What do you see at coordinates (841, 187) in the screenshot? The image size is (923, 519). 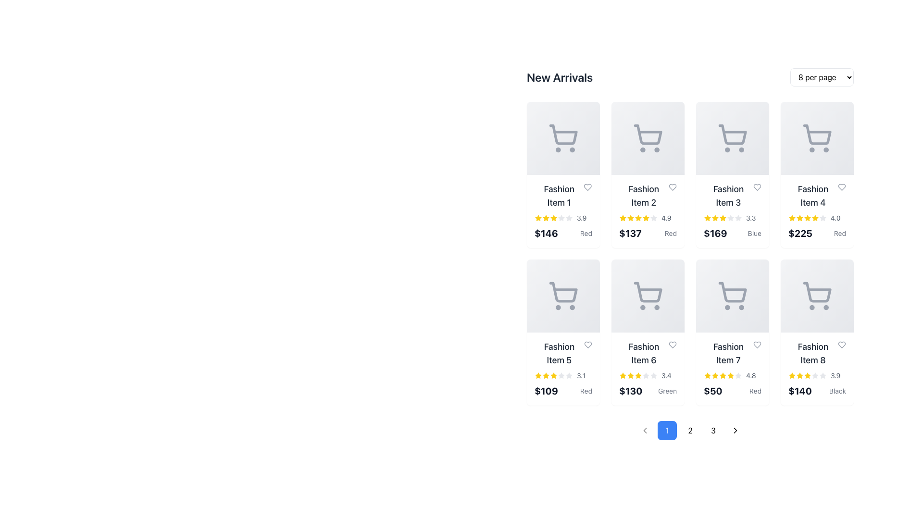 I see `the favorite toggle button (heart icon) located in the top-right corner of the product card for 'Fashion Item 4'` at bounding box center [841, 187].